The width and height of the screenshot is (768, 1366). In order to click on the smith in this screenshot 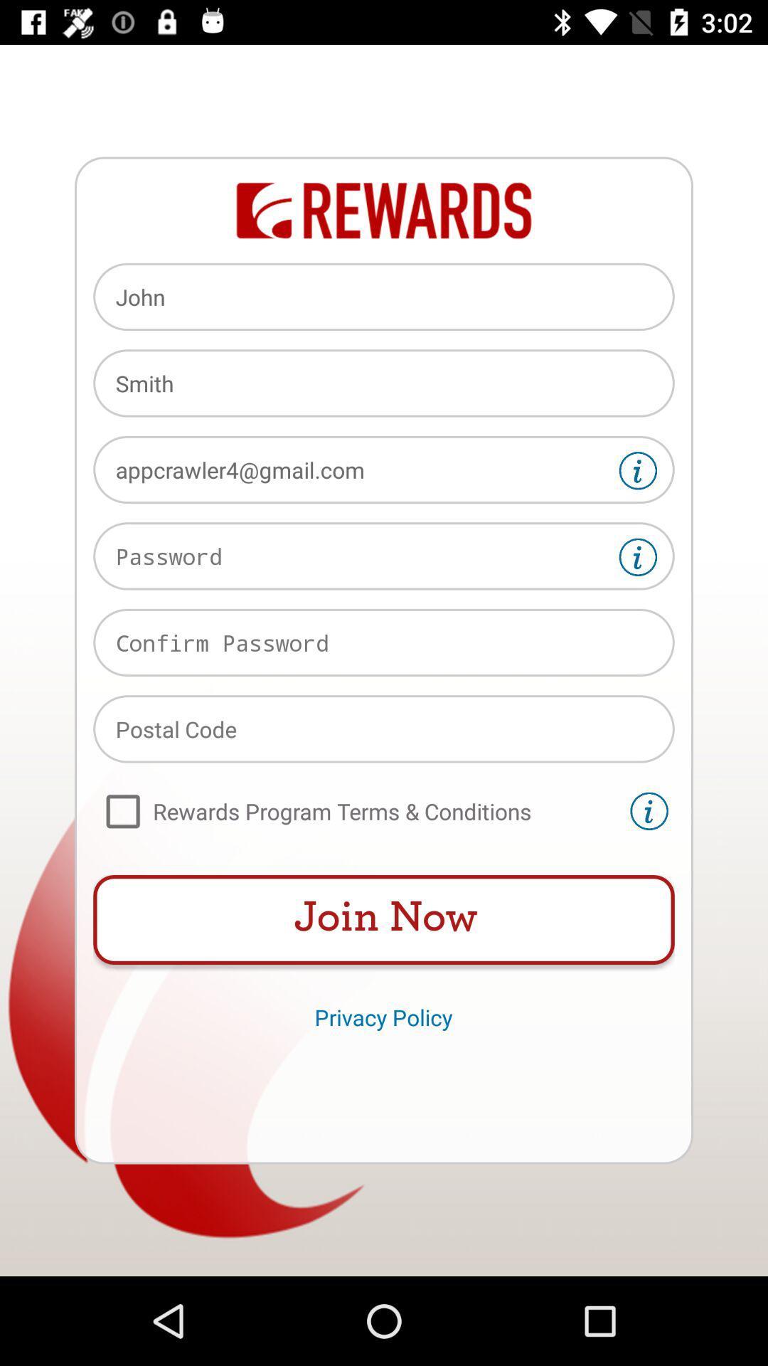, I will do `click(384, 383)`.